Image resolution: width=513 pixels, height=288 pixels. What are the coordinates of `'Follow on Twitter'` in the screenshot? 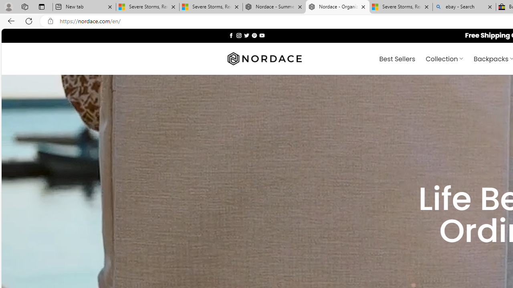 It's located at (246, 35).